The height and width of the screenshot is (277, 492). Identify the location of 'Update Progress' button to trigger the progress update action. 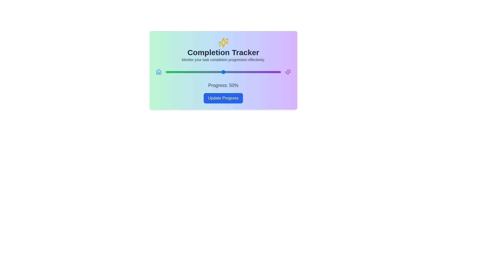
(223, 98).